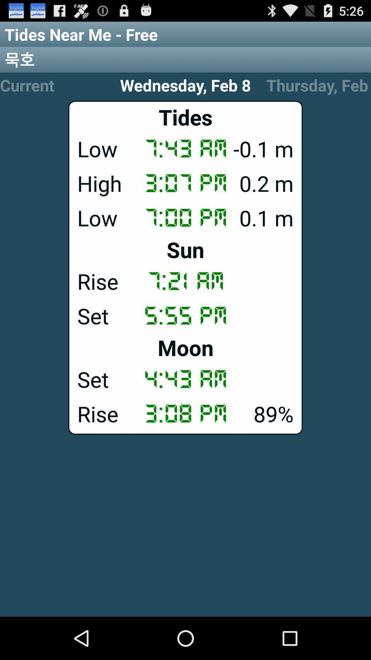 Image resolution: width=371 pixels, height=660 pixels. Describe the element at coordinates (185, 183) in the screenshot. I see `app above the low` at that location.